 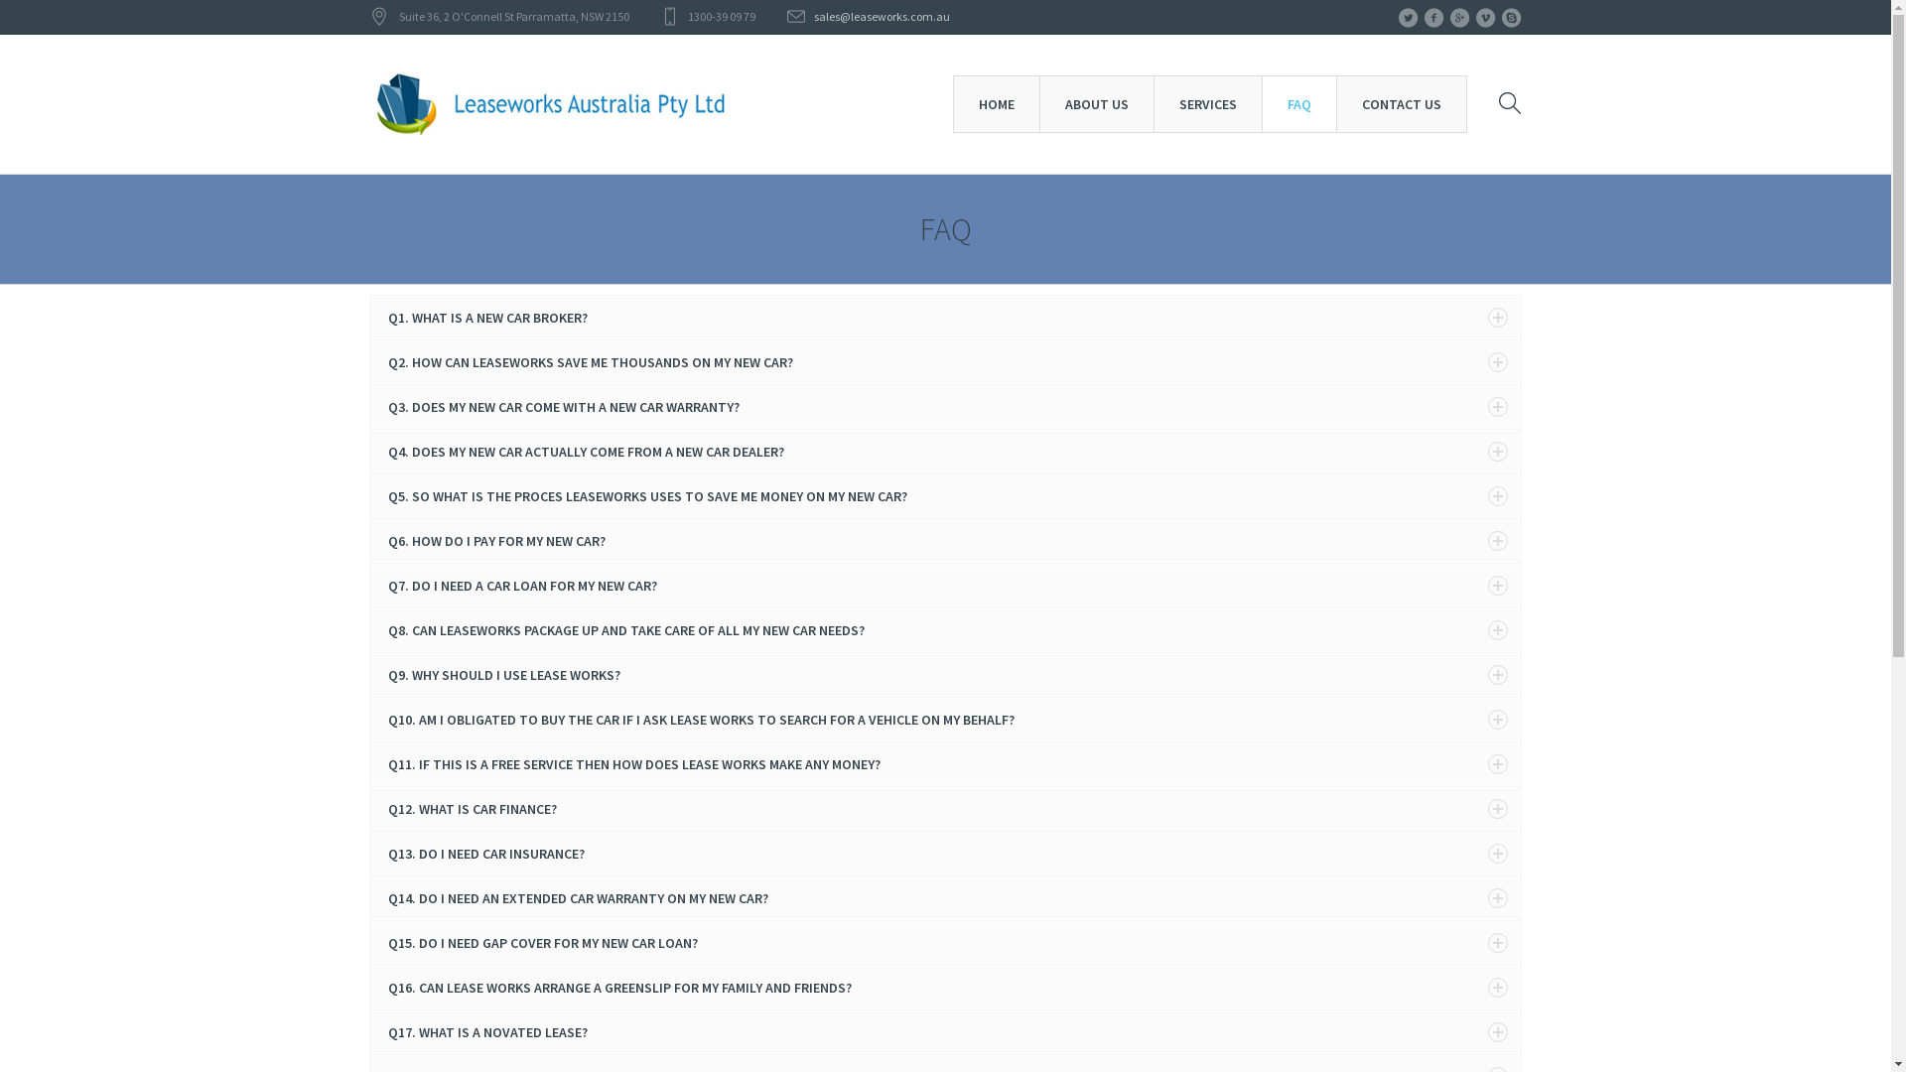 What do you see at coordinates (1207, 103) in the screenshot?
I see `'SERVICES'` at bounding box center [1207, 103].